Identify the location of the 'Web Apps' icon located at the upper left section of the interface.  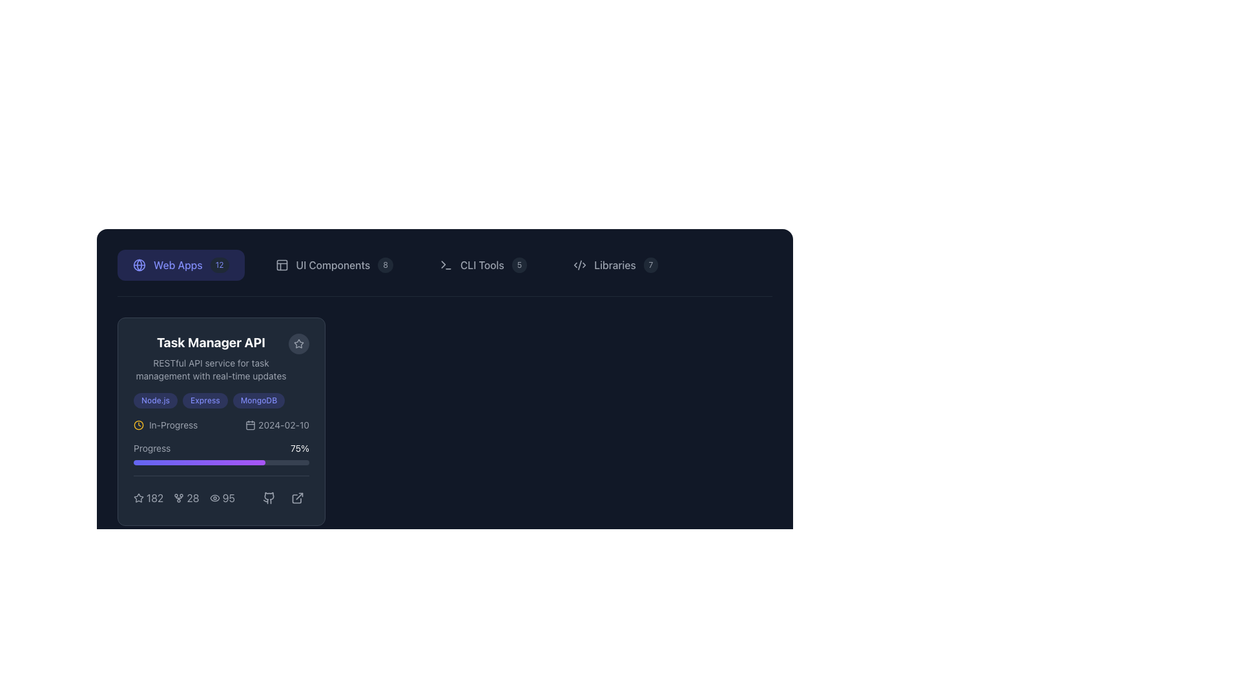
(139, 265).